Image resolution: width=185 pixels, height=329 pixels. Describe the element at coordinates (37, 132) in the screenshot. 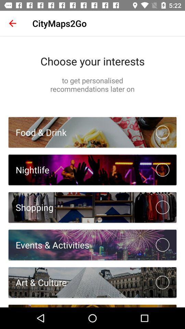

I see `item below the to get personalised icon` at that location.